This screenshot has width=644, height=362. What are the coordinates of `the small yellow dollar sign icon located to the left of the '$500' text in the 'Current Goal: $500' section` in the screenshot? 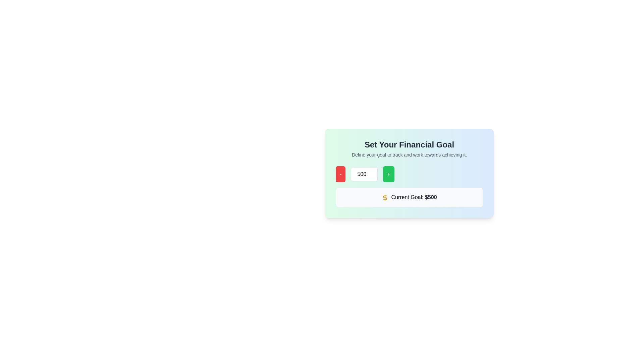 It's located at (385, 197).